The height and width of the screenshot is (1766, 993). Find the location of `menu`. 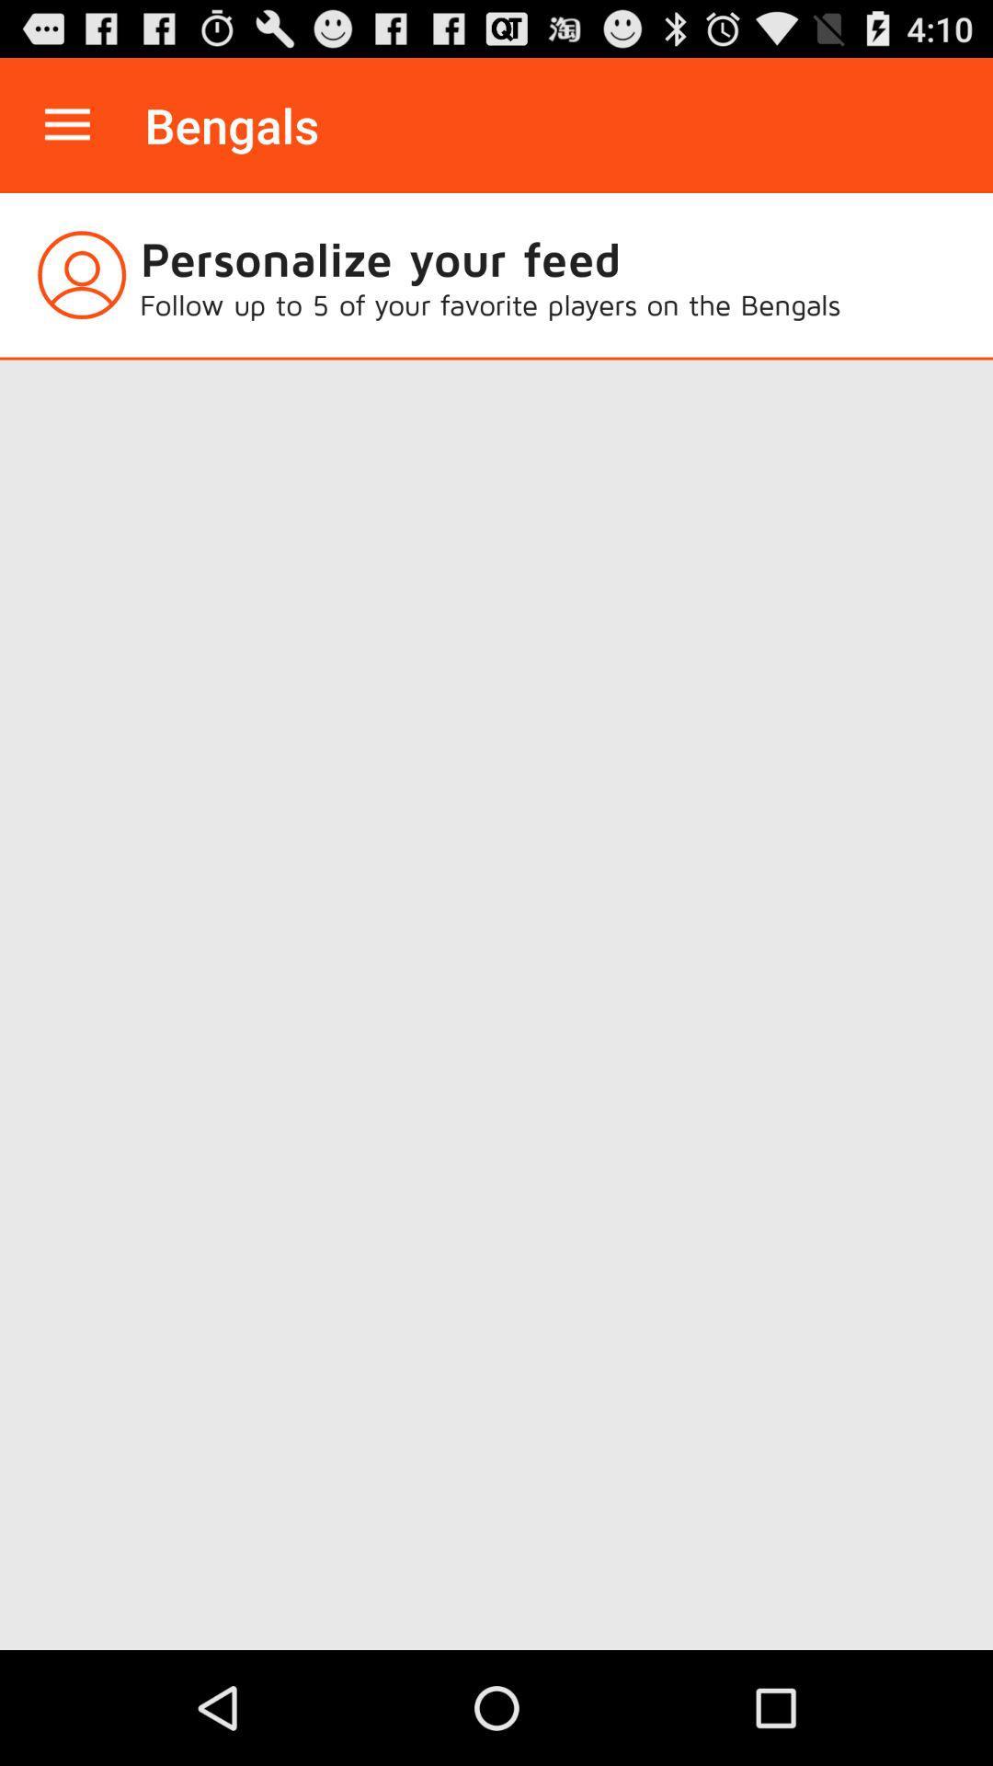

menu is located at coordinates (66, 124).